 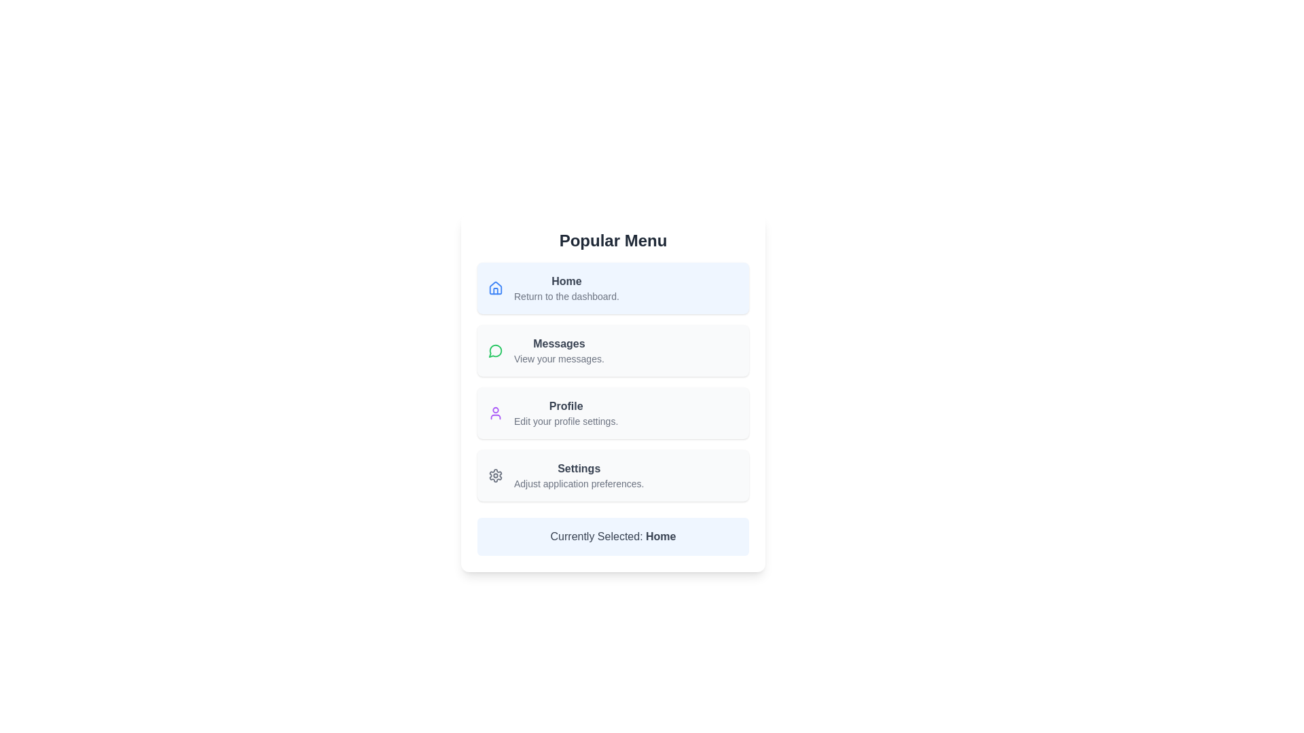 I want to click on the menu item labeled Messages, so click(x=558, y=350).